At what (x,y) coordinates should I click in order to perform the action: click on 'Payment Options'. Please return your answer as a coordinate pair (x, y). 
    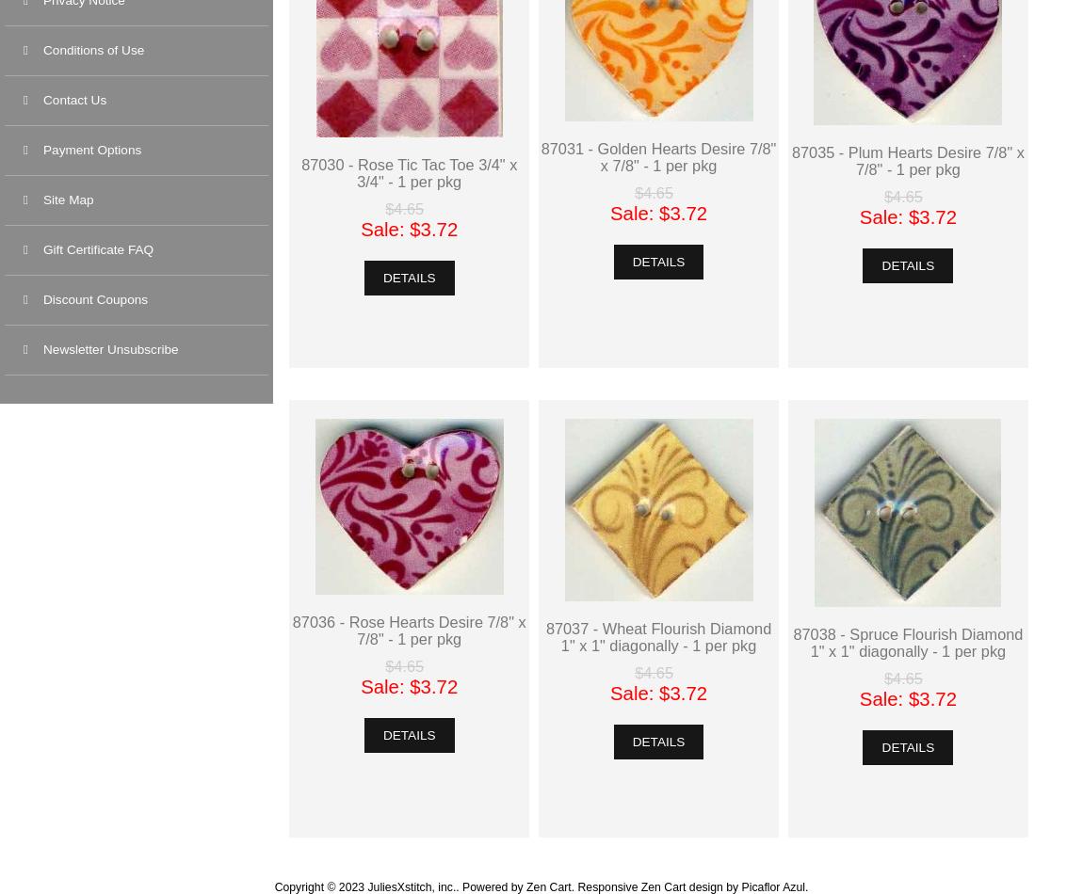
    Looking at the image, I should click on (90, 150).